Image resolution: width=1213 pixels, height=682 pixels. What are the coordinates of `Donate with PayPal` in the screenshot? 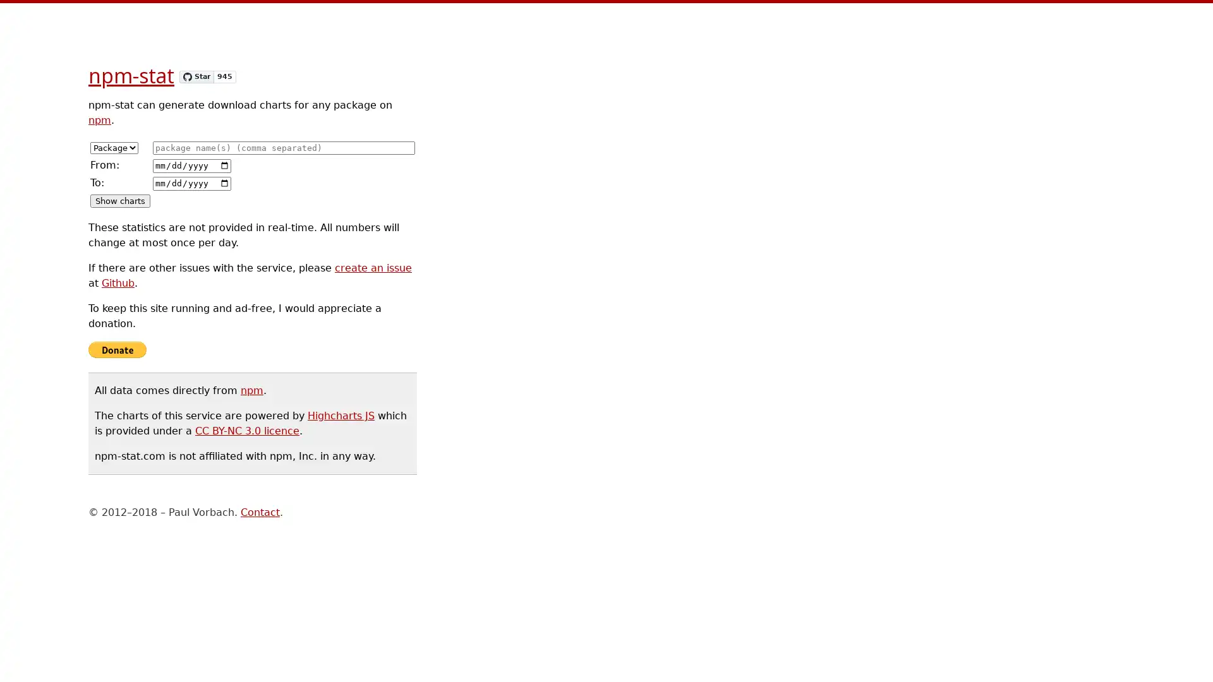 It's located at (118, 350).